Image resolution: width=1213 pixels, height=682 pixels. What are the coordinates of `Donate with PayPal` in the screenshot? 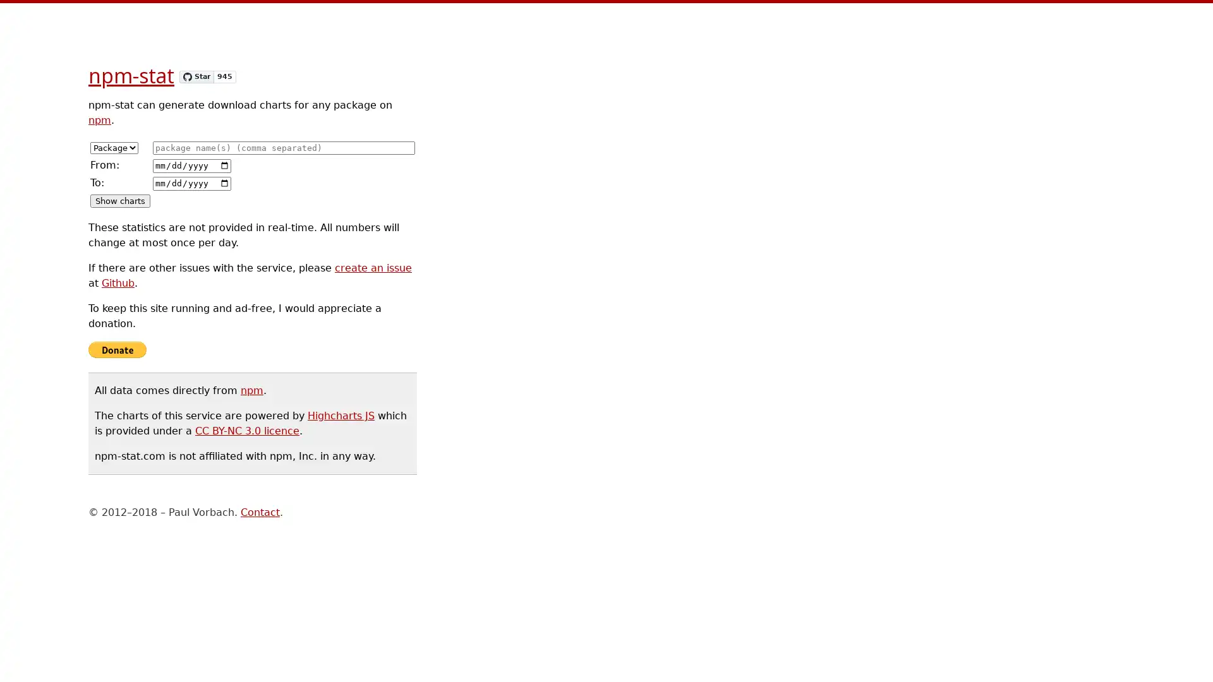 It's located at (118, 350).